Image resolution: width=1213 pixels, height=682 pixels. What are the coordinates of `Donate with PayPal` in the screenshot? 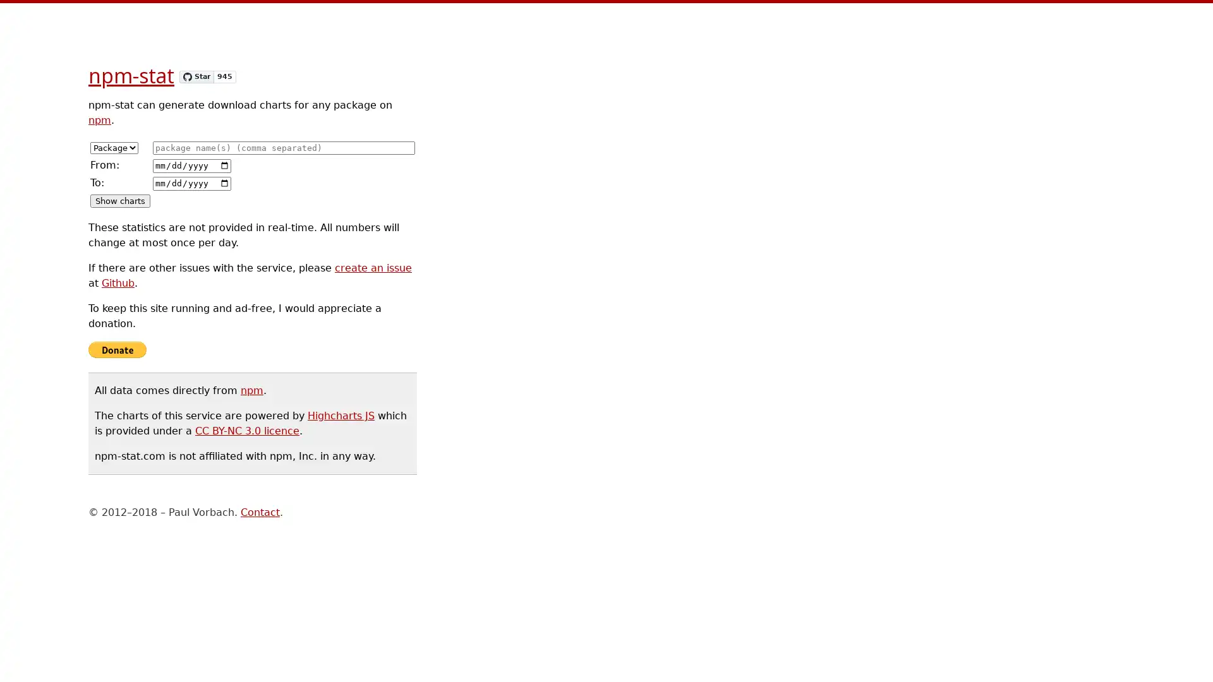 It's located at (118, 350).